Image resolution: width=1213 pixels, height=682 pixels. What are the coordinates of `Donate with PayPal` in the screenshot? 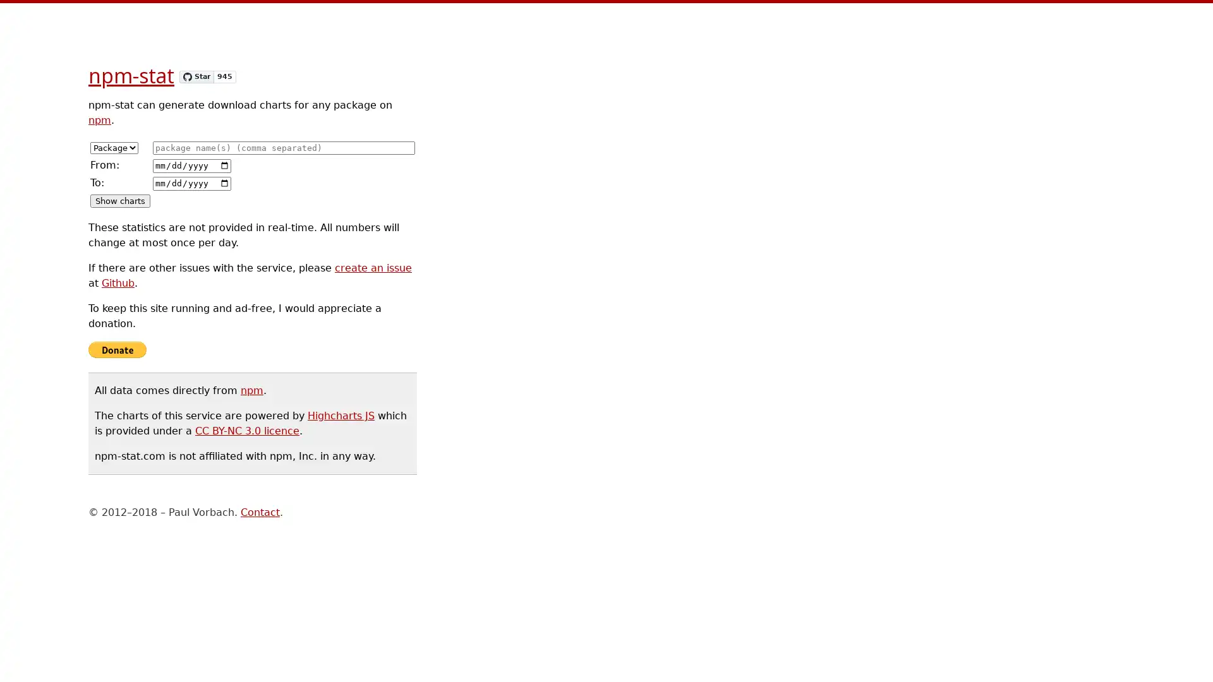 It's located at (118, 350).